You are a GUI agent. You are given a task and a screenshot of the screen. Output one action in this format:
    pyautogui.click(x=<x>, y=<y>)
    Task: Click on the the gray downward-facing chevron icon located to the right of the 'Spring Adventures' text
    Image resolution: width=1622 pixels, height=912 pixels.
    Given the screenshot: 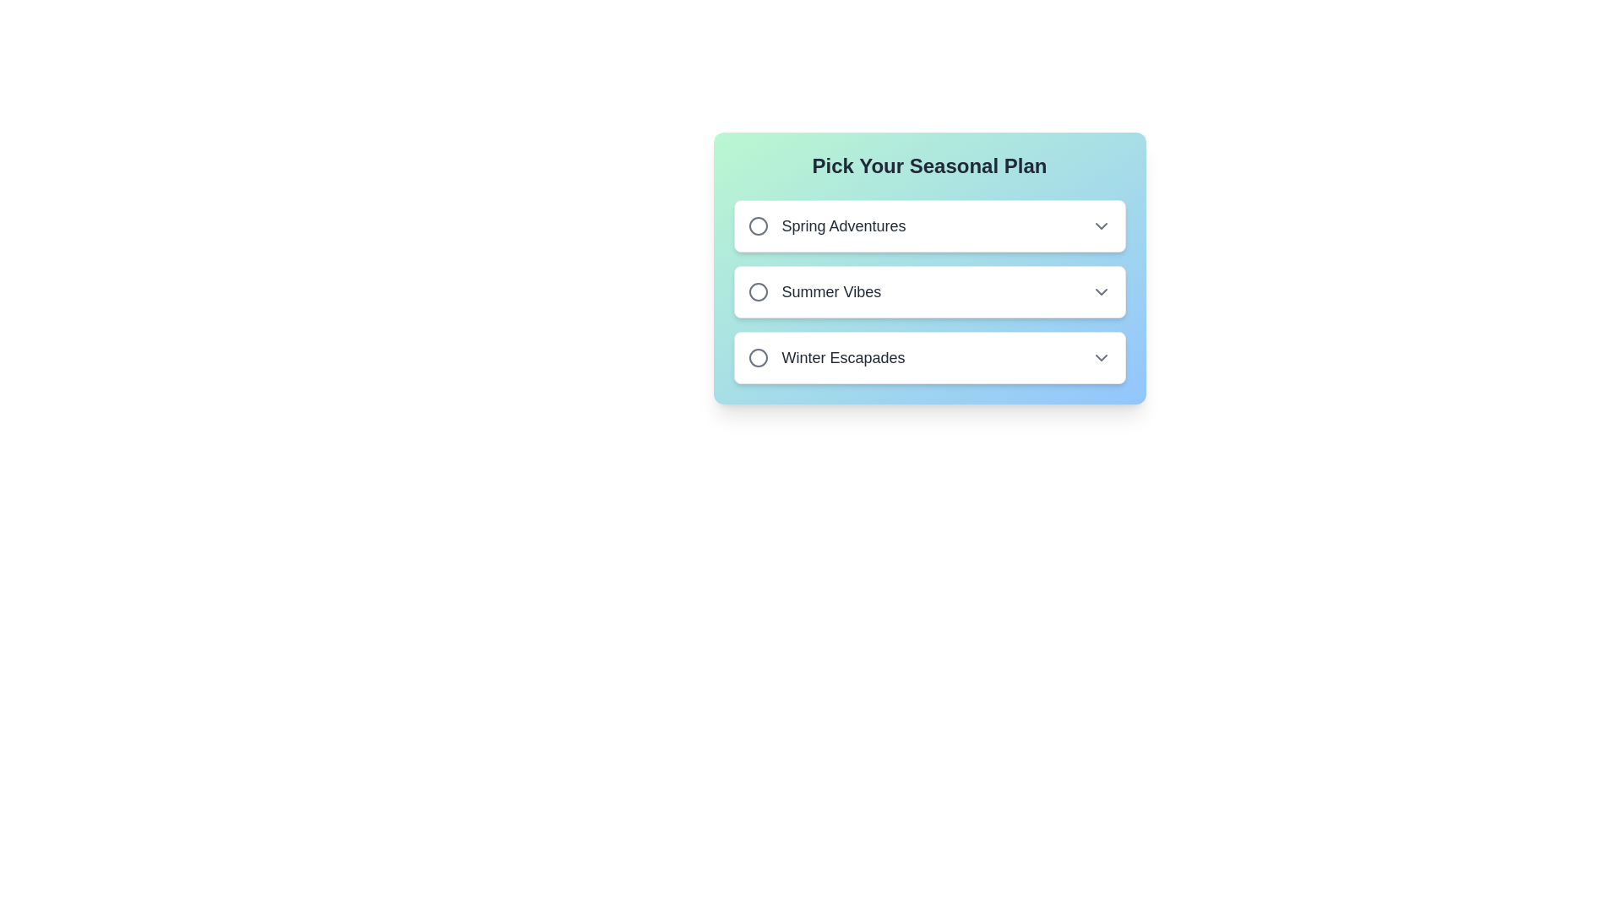 What is the action you would take?
    pyautogui.click(x=1101, y=225)
    